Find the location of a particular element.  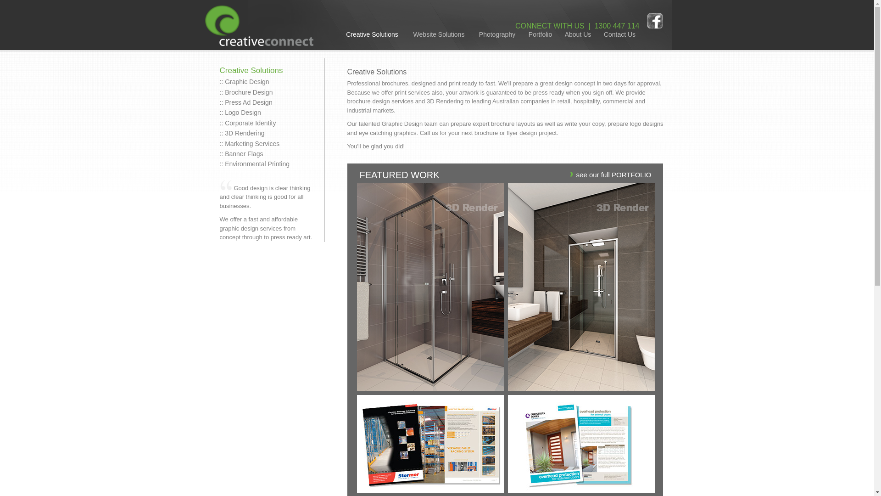

':: Environmental Printing' is located at coordinates (254, 163).